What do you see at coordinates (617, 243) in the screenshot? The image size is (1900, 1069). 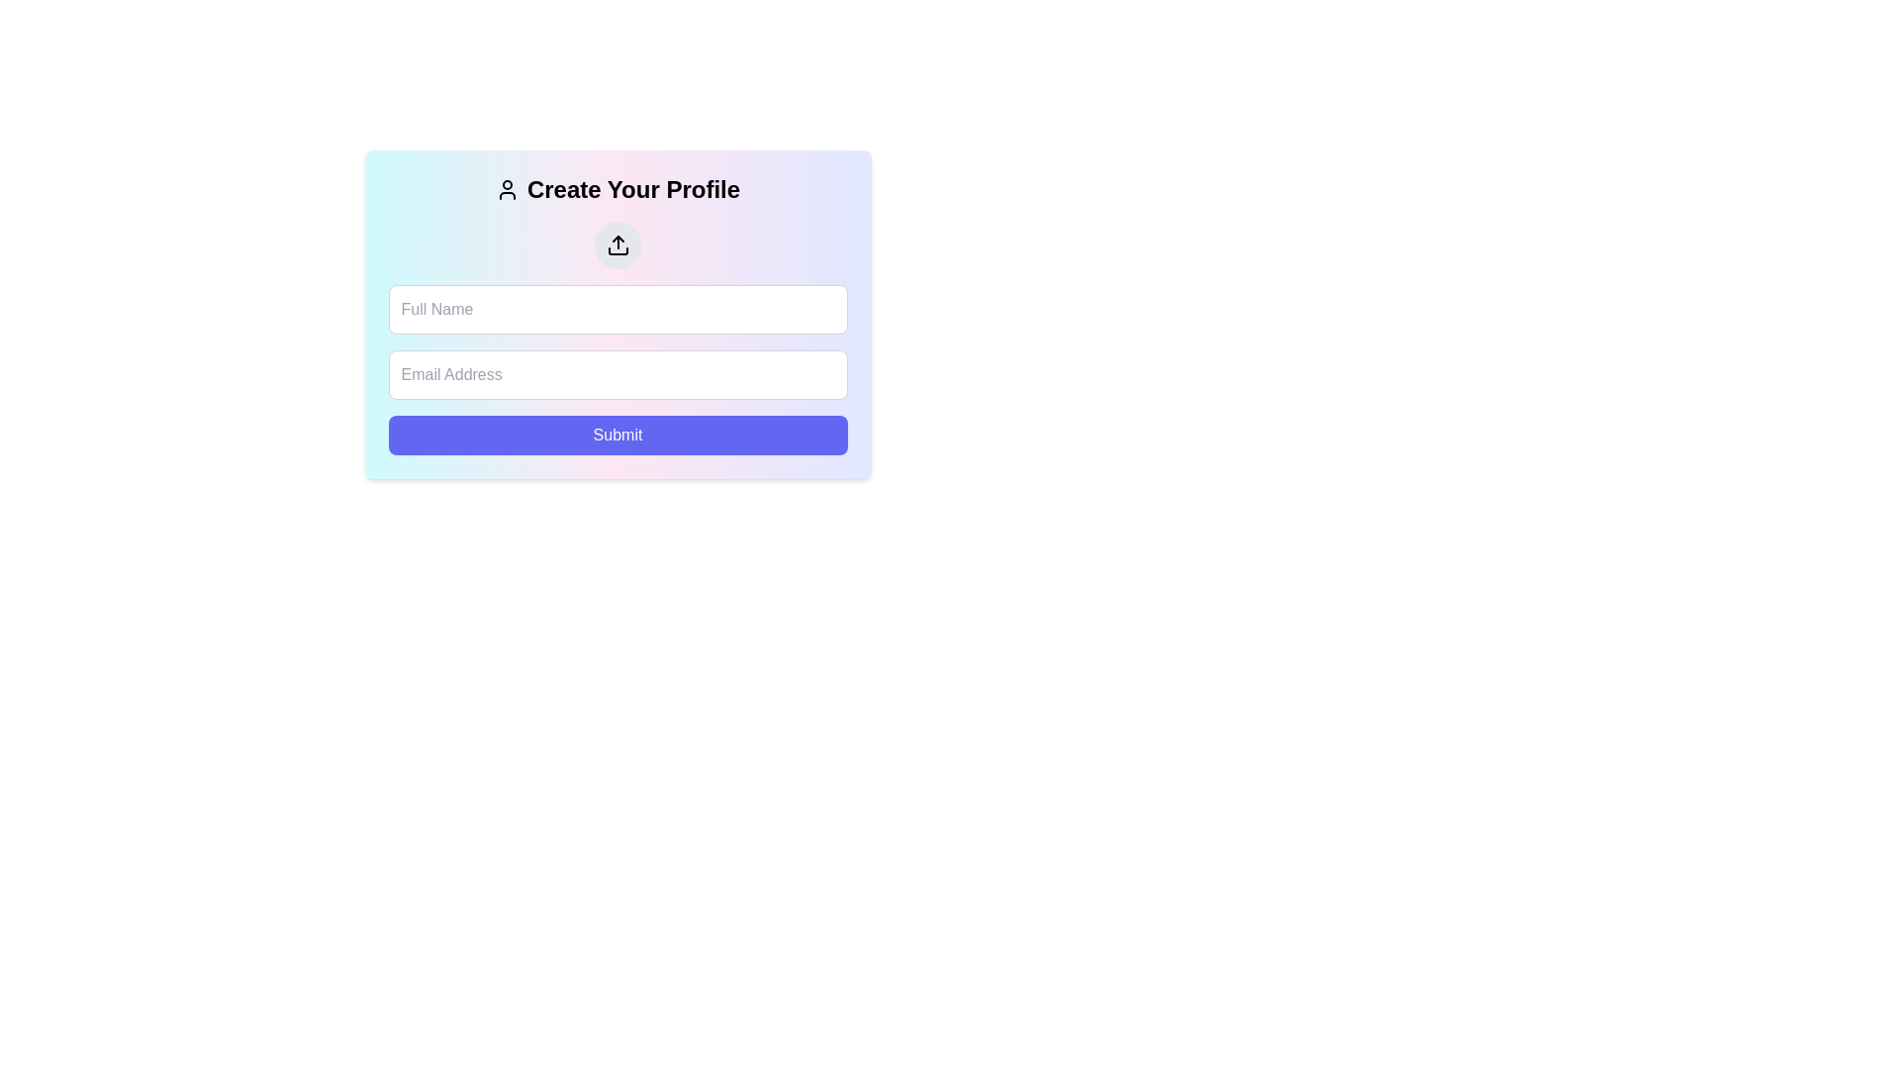 I see `the upload button with an SVG icon, which is centrally located above the 'Full Name' and 'Email Address' input fields` at bounding box center [617, 243].